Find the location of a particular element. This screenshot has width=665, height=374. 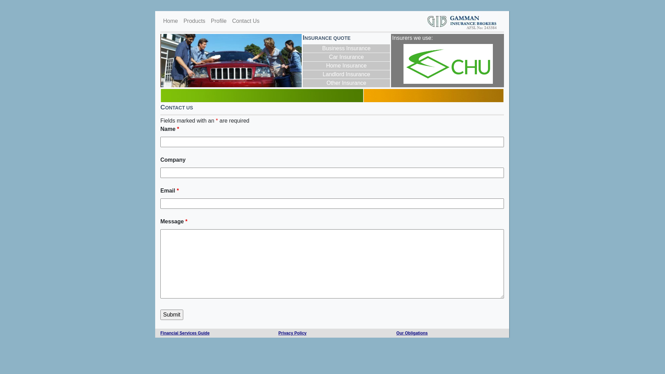

'Products' is located at coordinates (181, 21).